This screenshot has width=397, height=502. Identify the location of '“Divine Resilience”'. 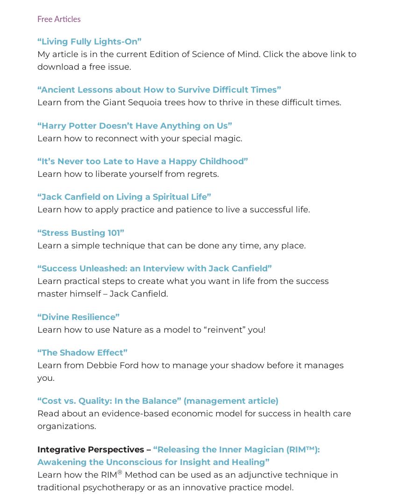
(78, 316).